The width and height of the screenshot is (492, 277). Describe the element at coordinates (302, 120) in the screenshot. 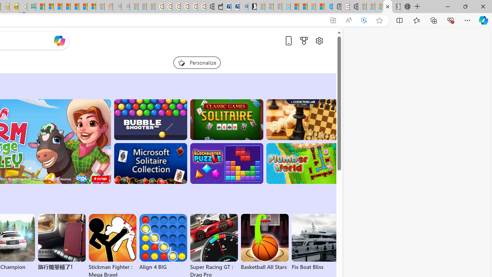

I see `'Master Chess'` at that location.